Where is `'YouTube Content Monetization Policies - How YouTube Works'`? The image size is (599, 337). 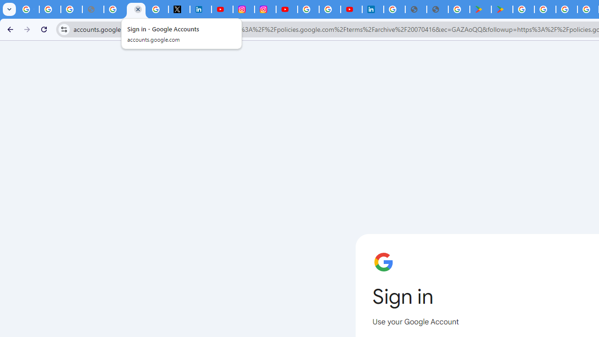
'YouTube Content Monetization Policies - How YouTube Works' is located at coordinates (221, 9).